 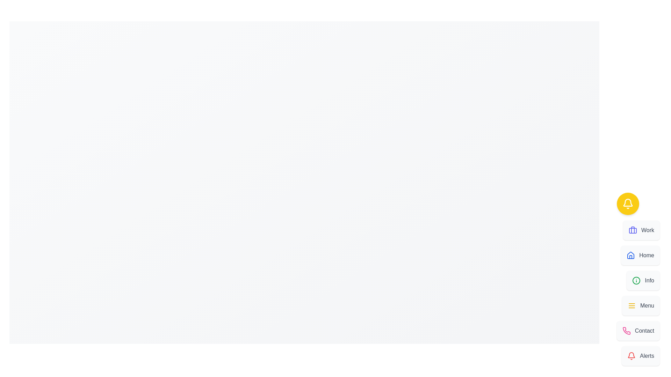 What do you see at coordinates (628, 204) in the screenshot?
I see `the toggle button to toggle the menu open or closed` at bounding box center [628, 204].